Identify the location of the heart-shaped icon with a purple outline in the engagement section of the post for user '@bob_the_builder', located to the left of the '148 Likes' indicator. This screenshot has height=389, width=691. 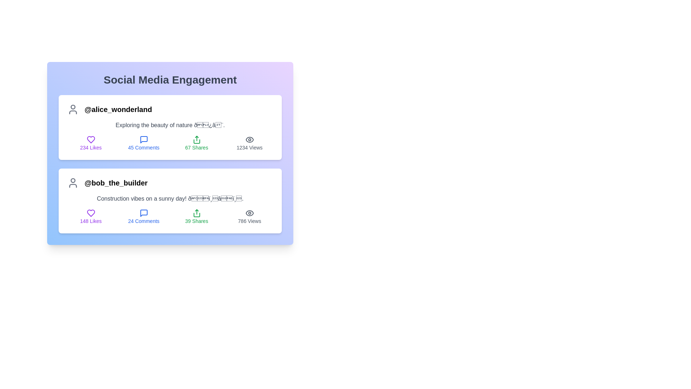
(90, 213).